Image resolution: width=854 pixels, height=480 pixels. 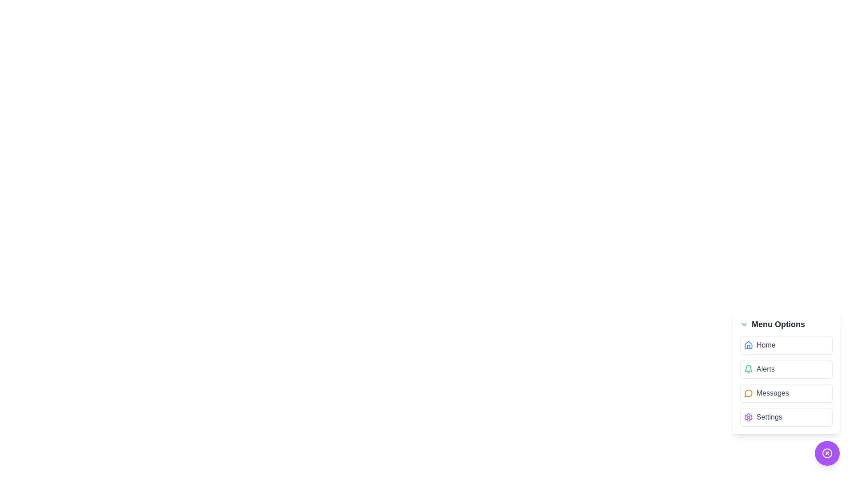 What do you see at coordinates (748, 393) in the screenshot?
I see `the 'Messages' menu icon, which is the third item in the vertical 'Menu Options' and located to the left of the text` at bounding box center [748, 393].